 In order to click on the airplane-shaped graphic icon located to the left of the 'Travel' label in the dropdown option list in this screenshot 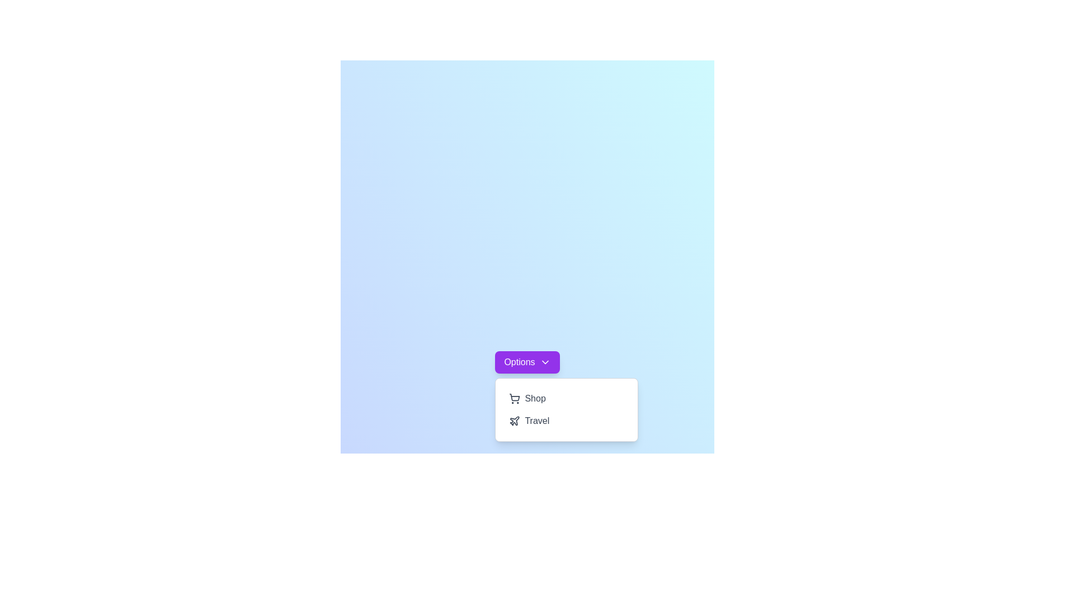, I will do `click(514, 421)`.